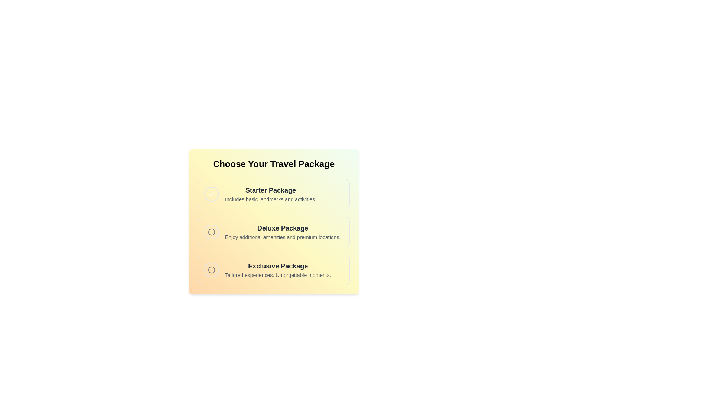 The image size is (713, 401). Describe the element at coordinates (270, 194) in the screenshot. I see `information from the 'Starter Package' text label located at the uppermost option in the selection list of travel packages under the heading 'Choose Your Travel Package'` at that location.